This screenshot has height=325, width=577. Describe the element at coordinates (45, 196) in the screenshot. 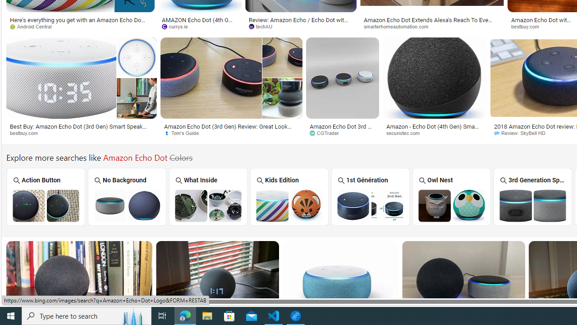

I see `'Amazon Echo Dot Action Button Action Button'` at that location.